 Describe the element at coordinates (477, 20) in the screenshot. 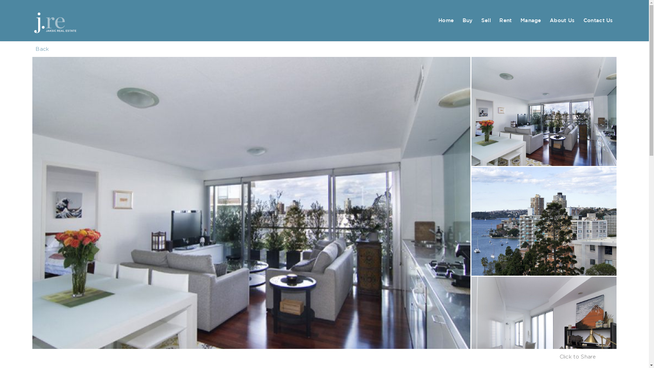

I see `'Sell'` at that location.